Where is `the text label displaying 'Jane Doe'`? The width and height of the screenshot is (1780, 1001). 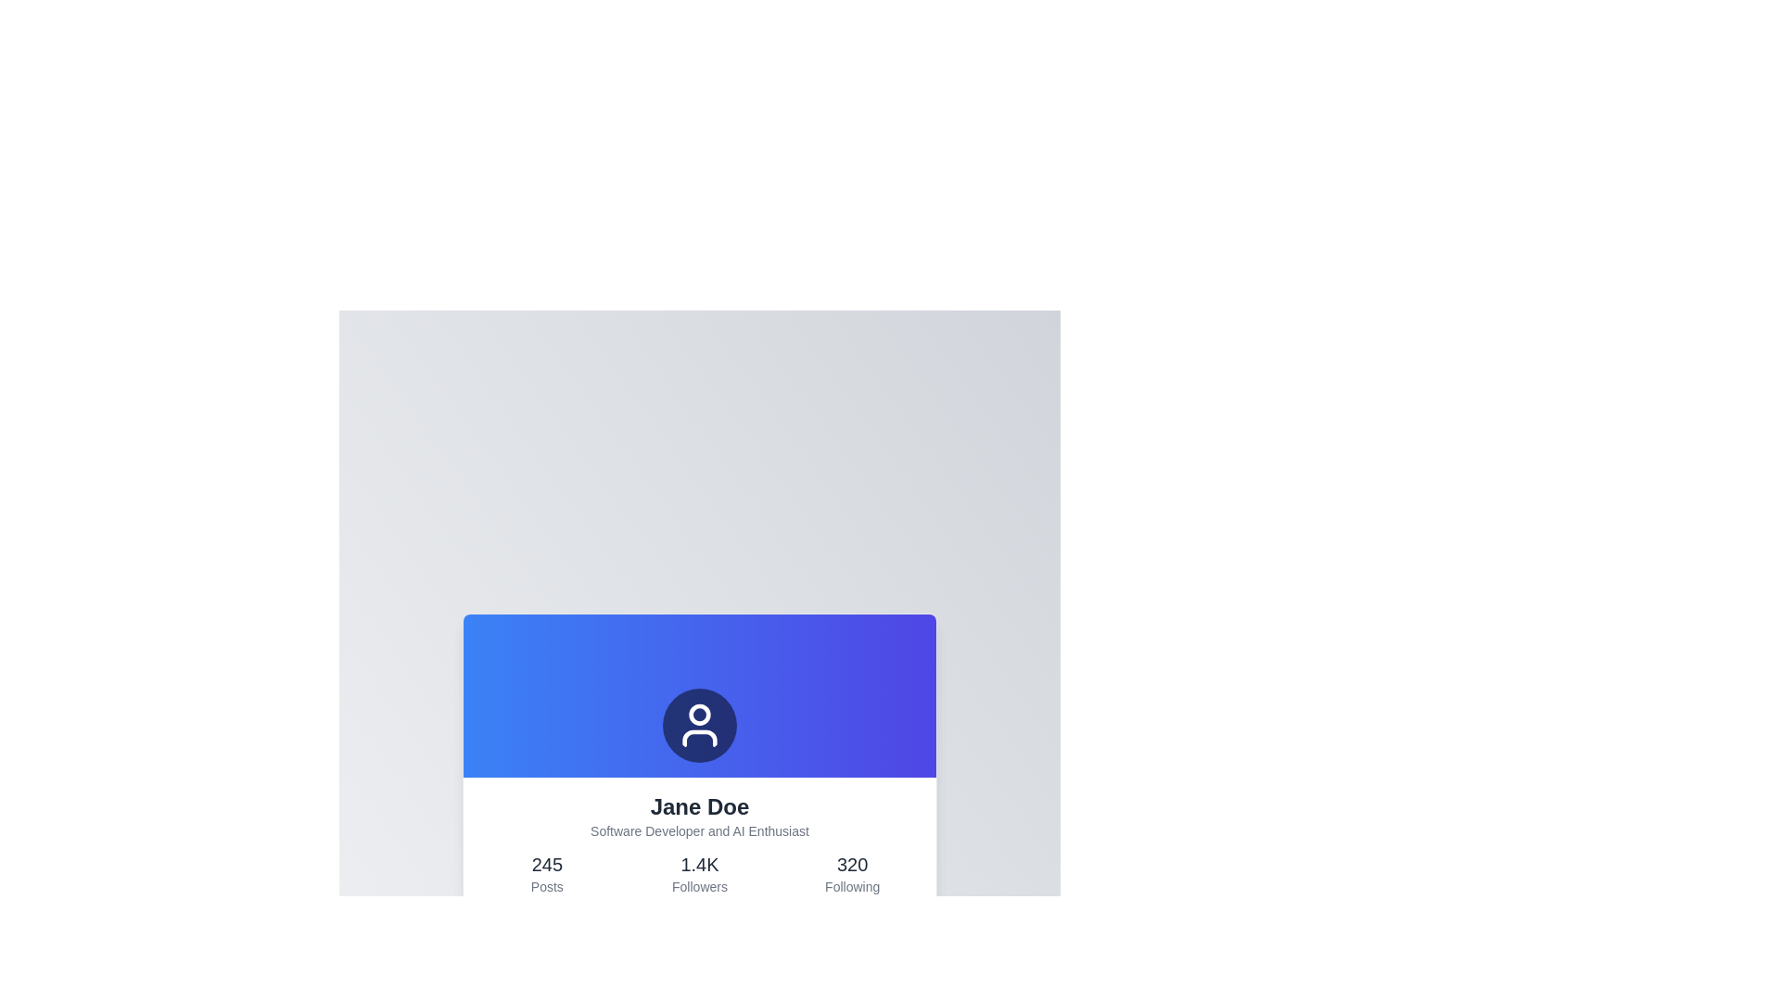
the text label displaying 'Jane Doe' is located at coordinates (698, 806).